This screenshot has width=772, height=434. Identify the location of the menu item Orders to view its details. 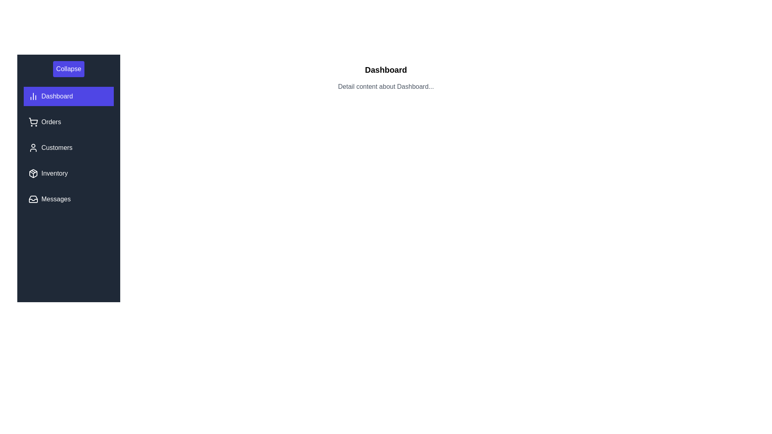
(69, 122).